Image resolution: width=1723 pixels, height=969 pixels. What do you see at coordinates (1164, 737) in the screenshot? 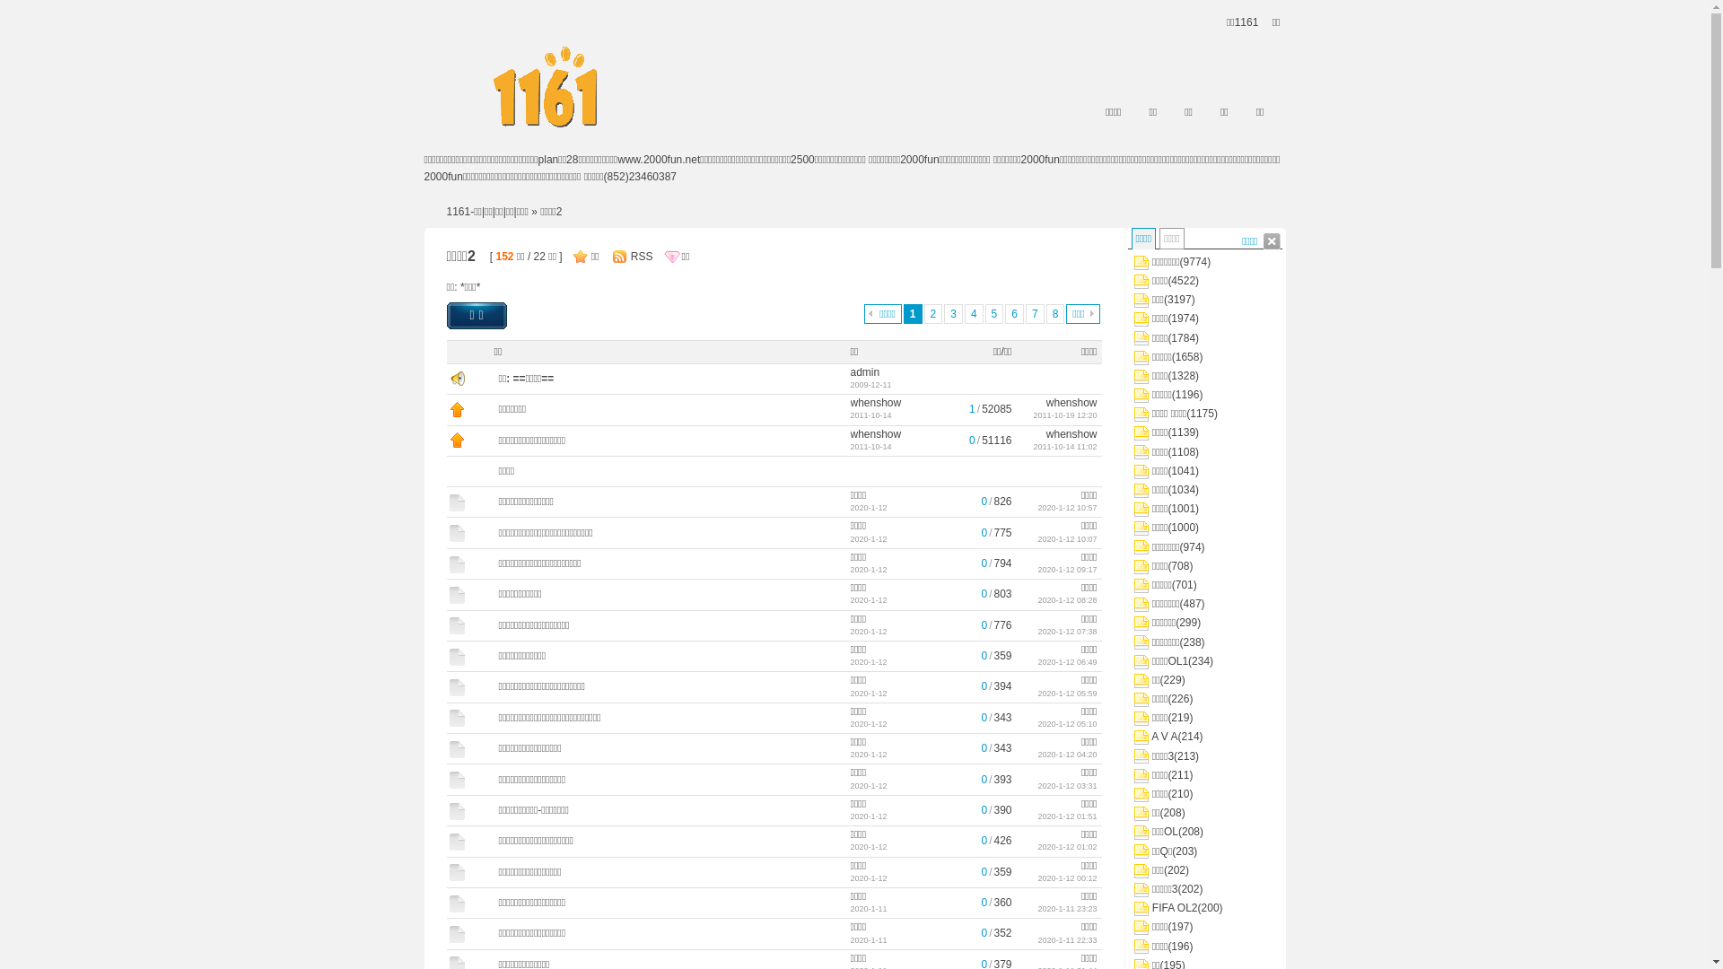
I see `'A V A'` at bounding box center [1164, 737].